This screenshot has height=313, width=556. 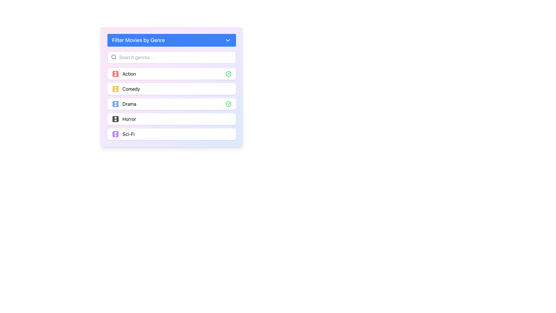 What do you see at coordinates (124, 103) in the screenshot?
I see `to select the 'Drama' genre, which is represented by the text label 'Drama' followed by a blue film frame icon, located in the vertically stacked list of genre options under 'Filter Movies by Genre'` at bounding box center [124, 103].